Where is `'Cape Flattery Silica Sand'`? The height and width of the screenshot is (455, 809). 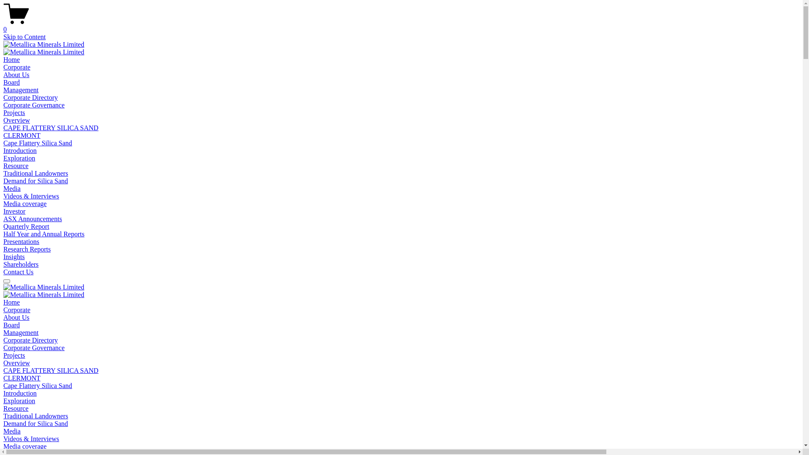 'Cape Flattery Silica Sand' is located at coordinates (3, 142).